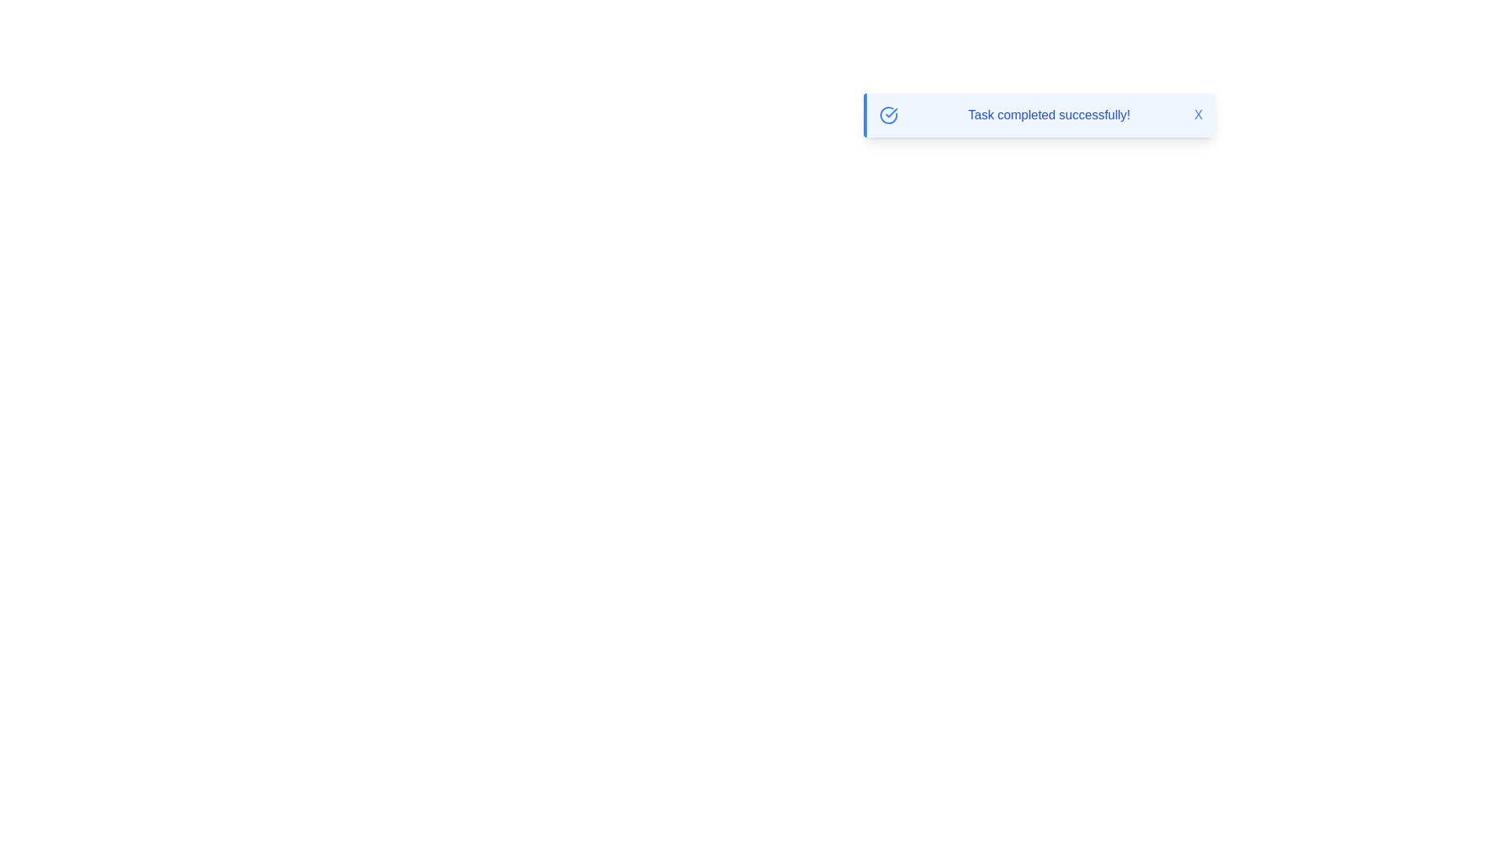  Describe the element at coordinates (1198, 114) in the screenshot. I see `the close button of the alert to close it` at that location.